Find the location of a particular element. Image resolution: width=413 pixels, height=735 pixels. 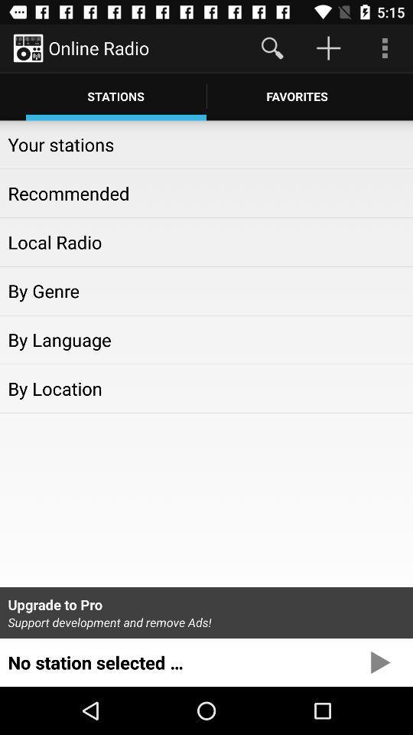

the play icon is located at coordinates (379, 709).